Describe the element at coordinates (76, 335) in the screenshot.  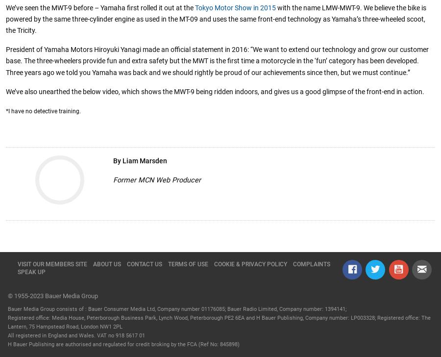
I see `'All registered in England and Wales.  VAT no 918 5617 01'` at that location.